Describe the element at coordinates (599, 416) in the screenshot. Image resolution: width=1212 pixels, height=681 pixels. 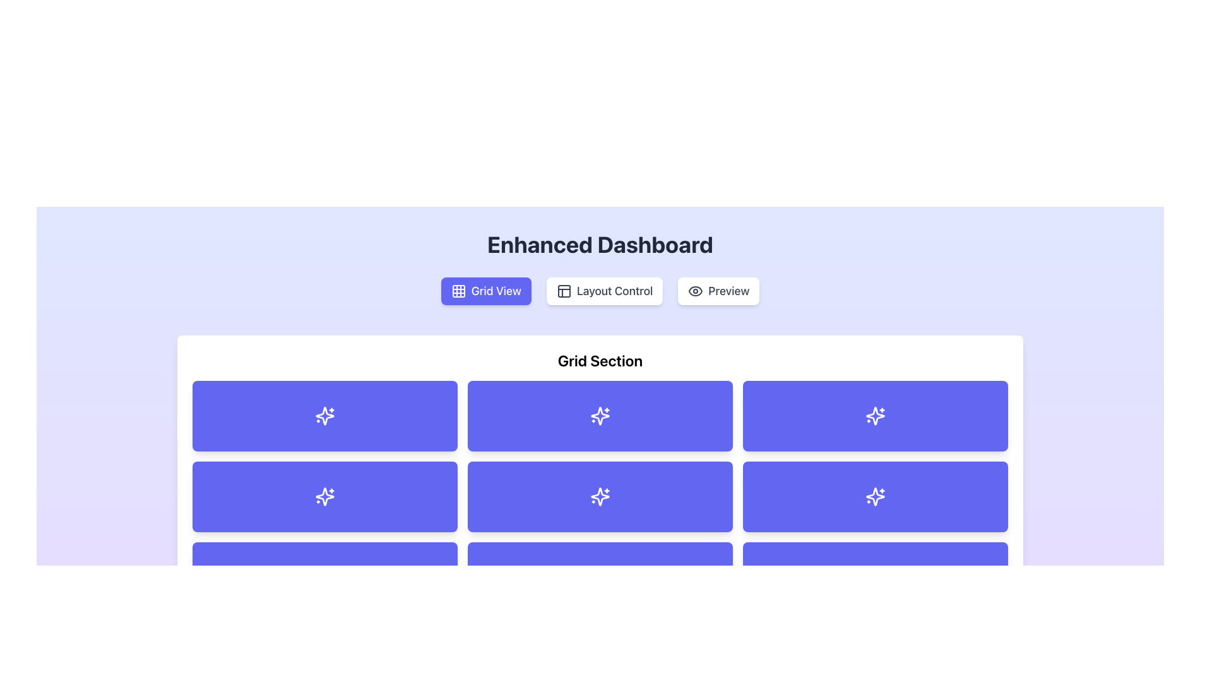
I see `the grid cell with a purple background and a white sparkle icon, located in the second column of the first row of the grid` at that location.